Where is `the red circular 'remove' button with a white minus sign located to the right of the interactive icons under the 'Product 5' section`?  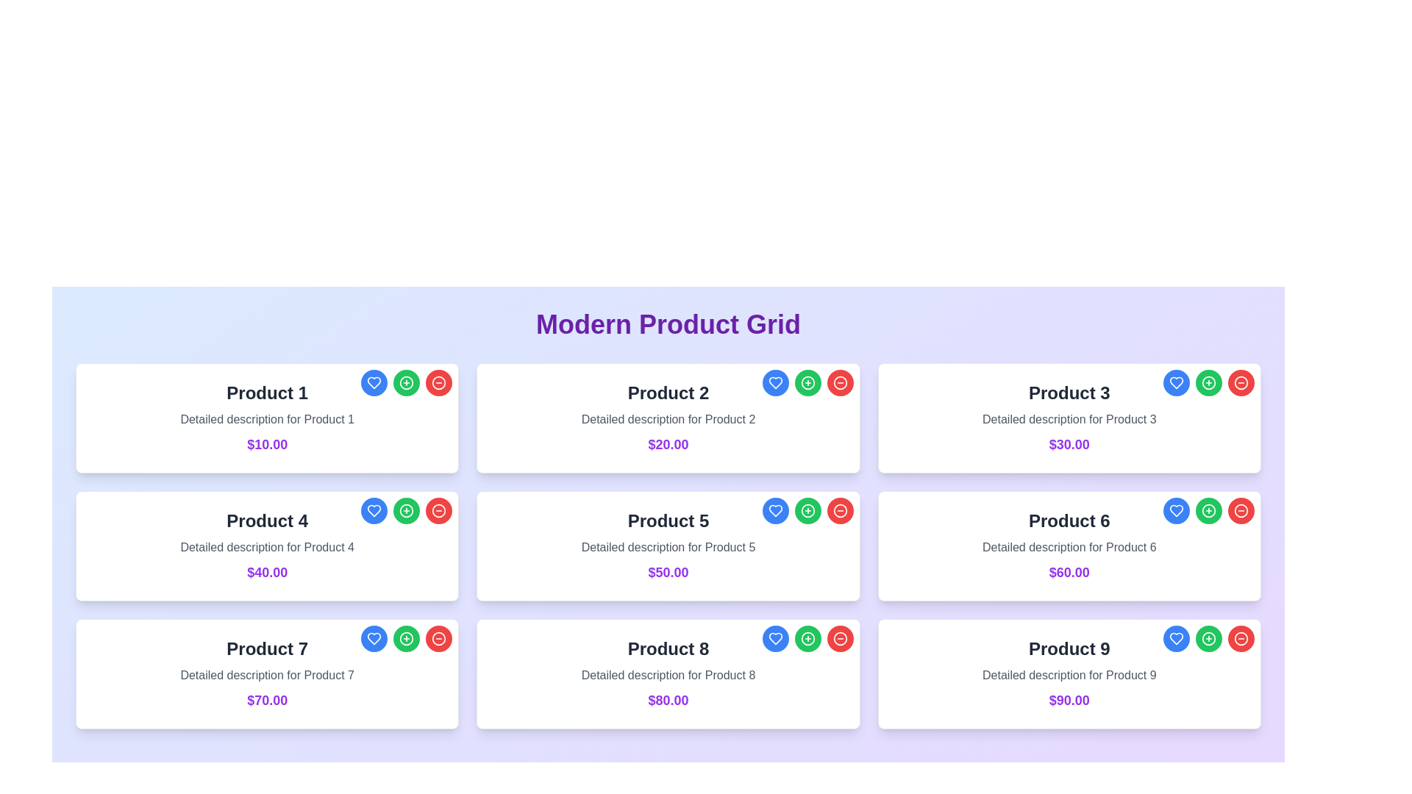 the red circular 'remove' button with a white minus sign located to the right of the interactive icons under the 'Product 5' section is located at coordinates (438, 382).